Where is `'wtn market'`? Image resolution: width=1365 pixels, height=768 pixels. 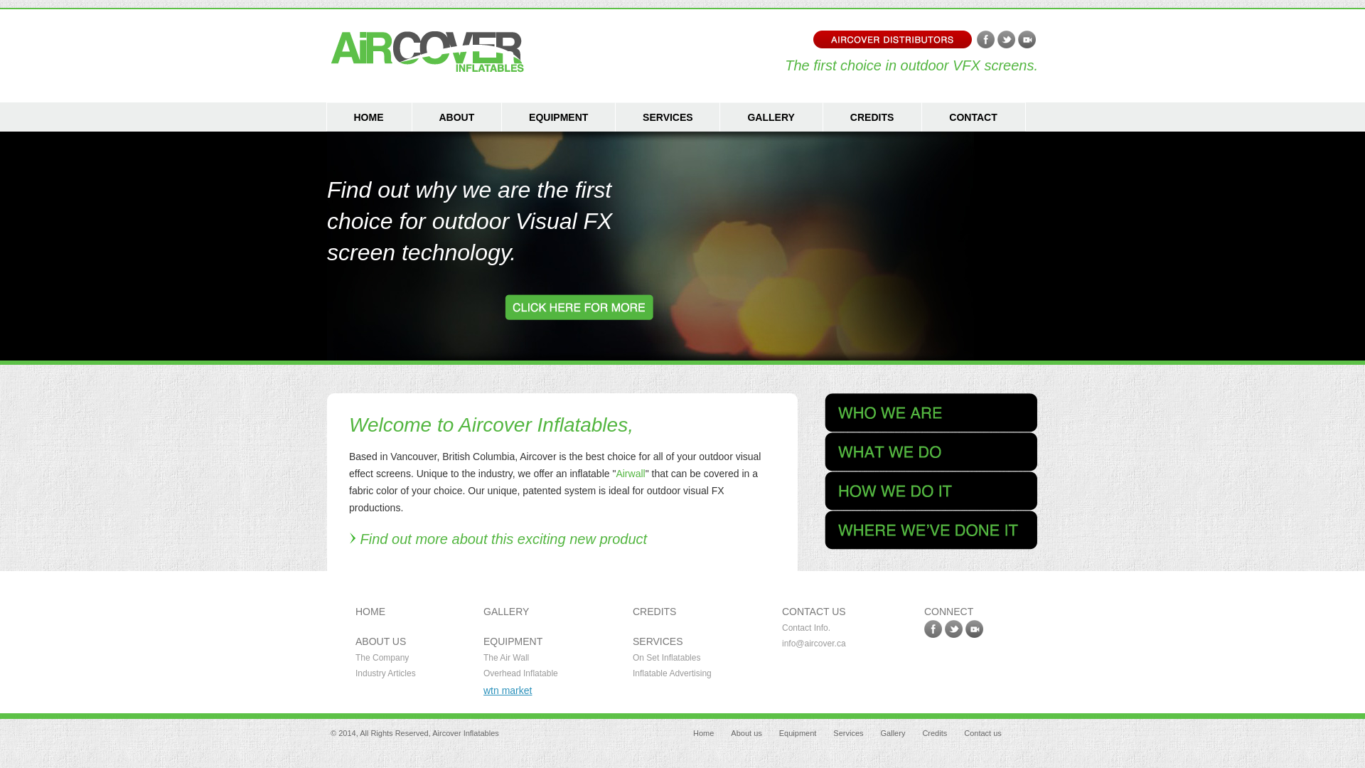
'wtn market' is located at coordinates (508, 690).